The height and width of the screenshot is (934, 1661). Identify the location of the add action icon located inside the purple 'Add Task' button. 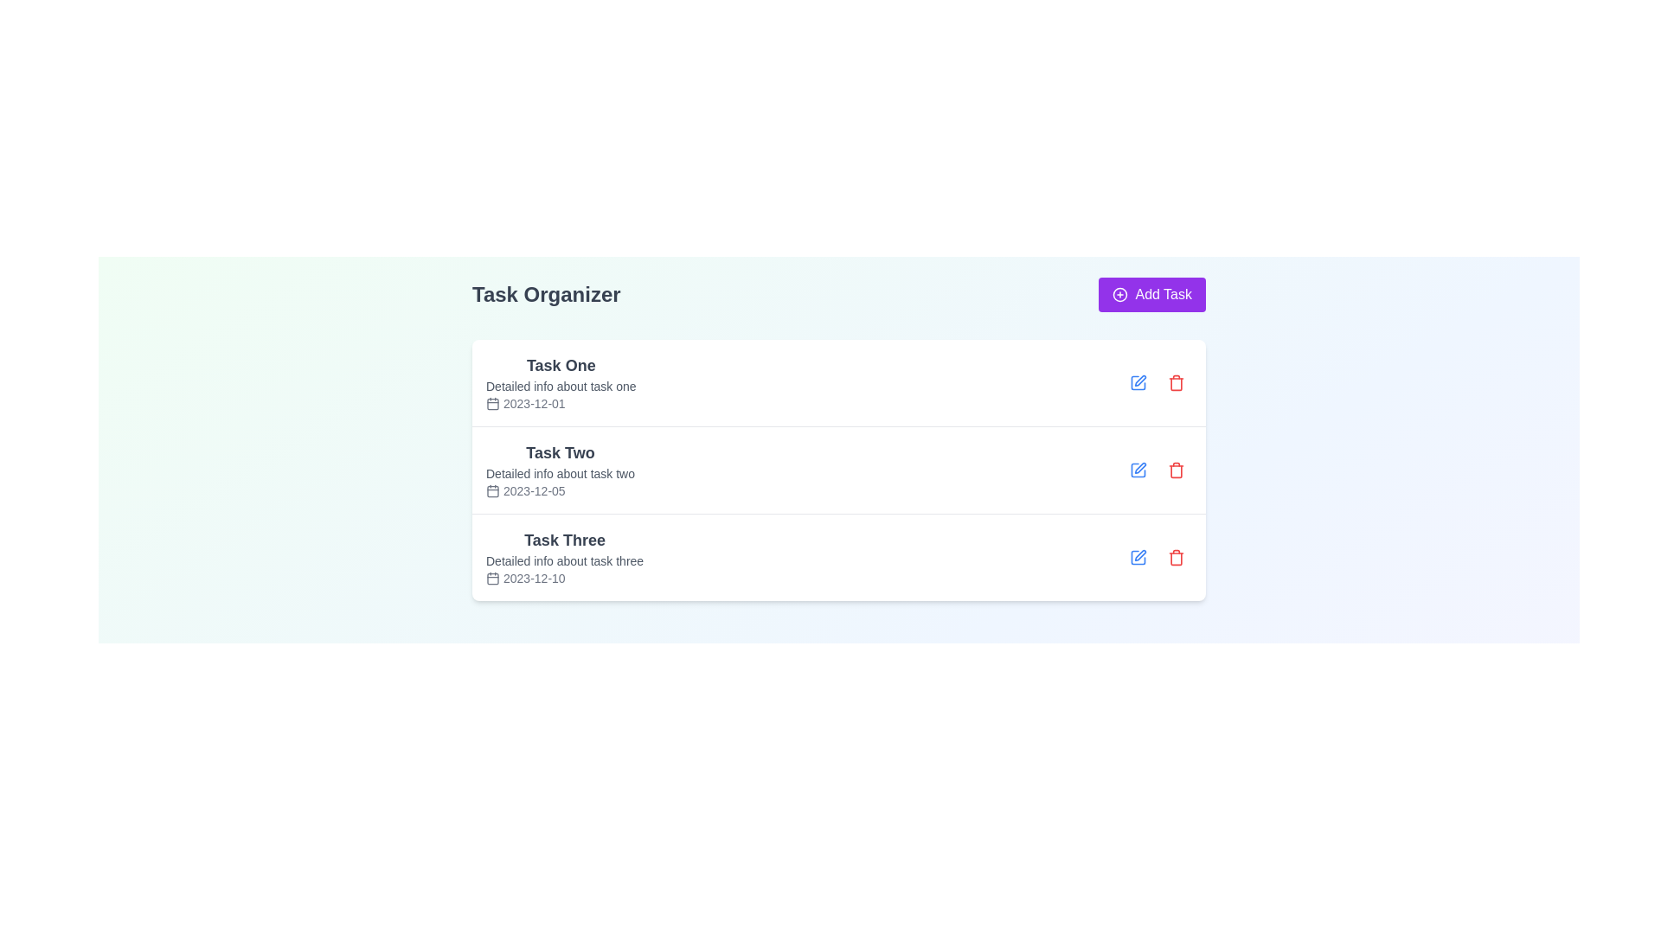
(1120, 293).